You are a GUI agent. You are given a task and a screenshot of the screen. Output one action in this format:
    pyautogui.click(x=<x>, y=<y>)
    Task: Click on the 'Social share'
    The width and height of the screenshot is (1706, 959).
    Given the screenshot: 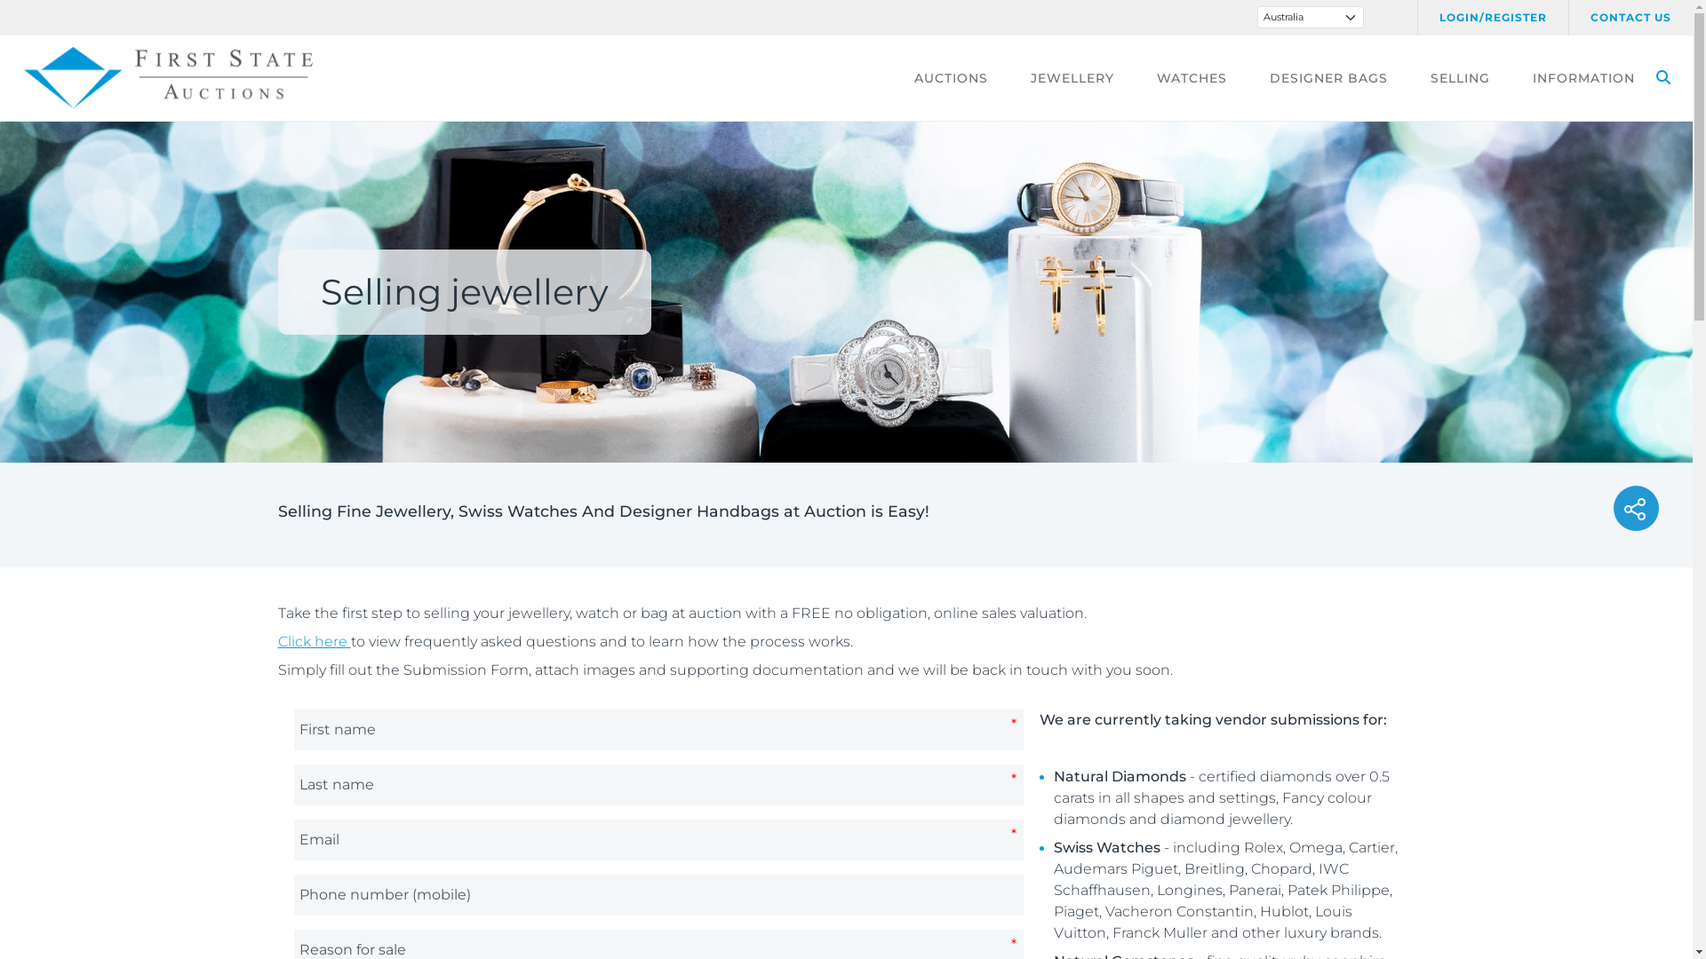 What is the action you would take?
    pyautogui.click(x=1613, y=508)
    